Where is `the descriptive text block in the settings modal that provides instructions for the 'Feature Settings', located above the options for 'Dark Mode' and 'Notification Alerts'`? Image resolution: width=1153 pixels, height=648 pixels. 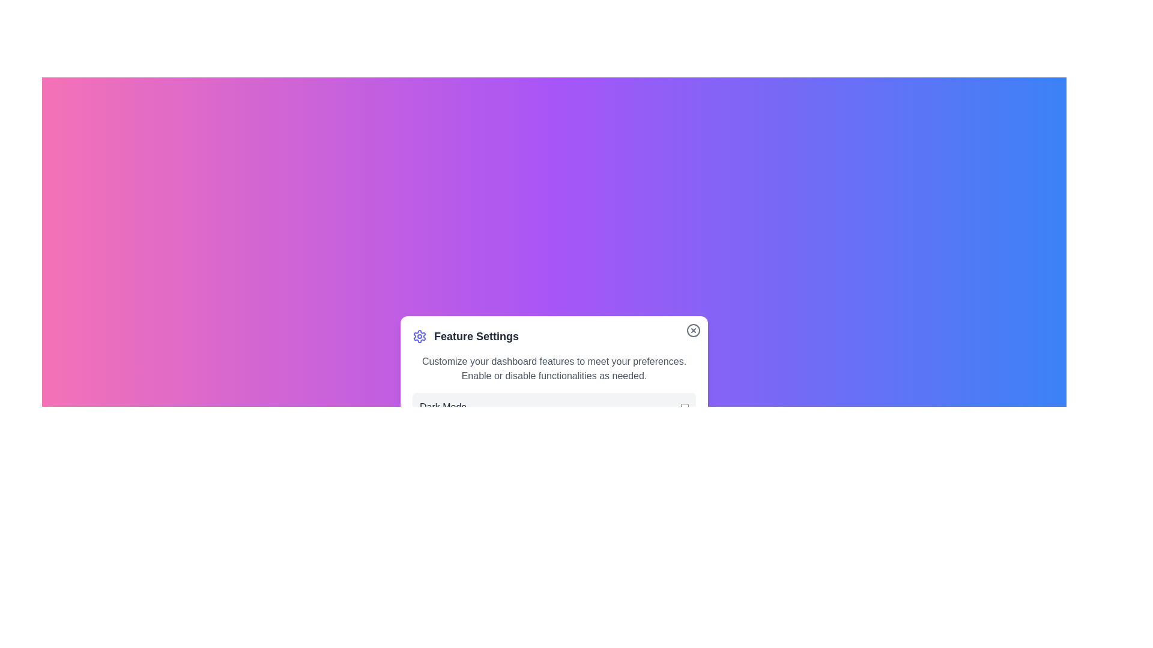
the descriptive text block in the settings modal that provides instructions for the 'Feature Settings', located above the options for 'Dark Mode' and 'Notification Alerts' is located at coordinates (553, 368).